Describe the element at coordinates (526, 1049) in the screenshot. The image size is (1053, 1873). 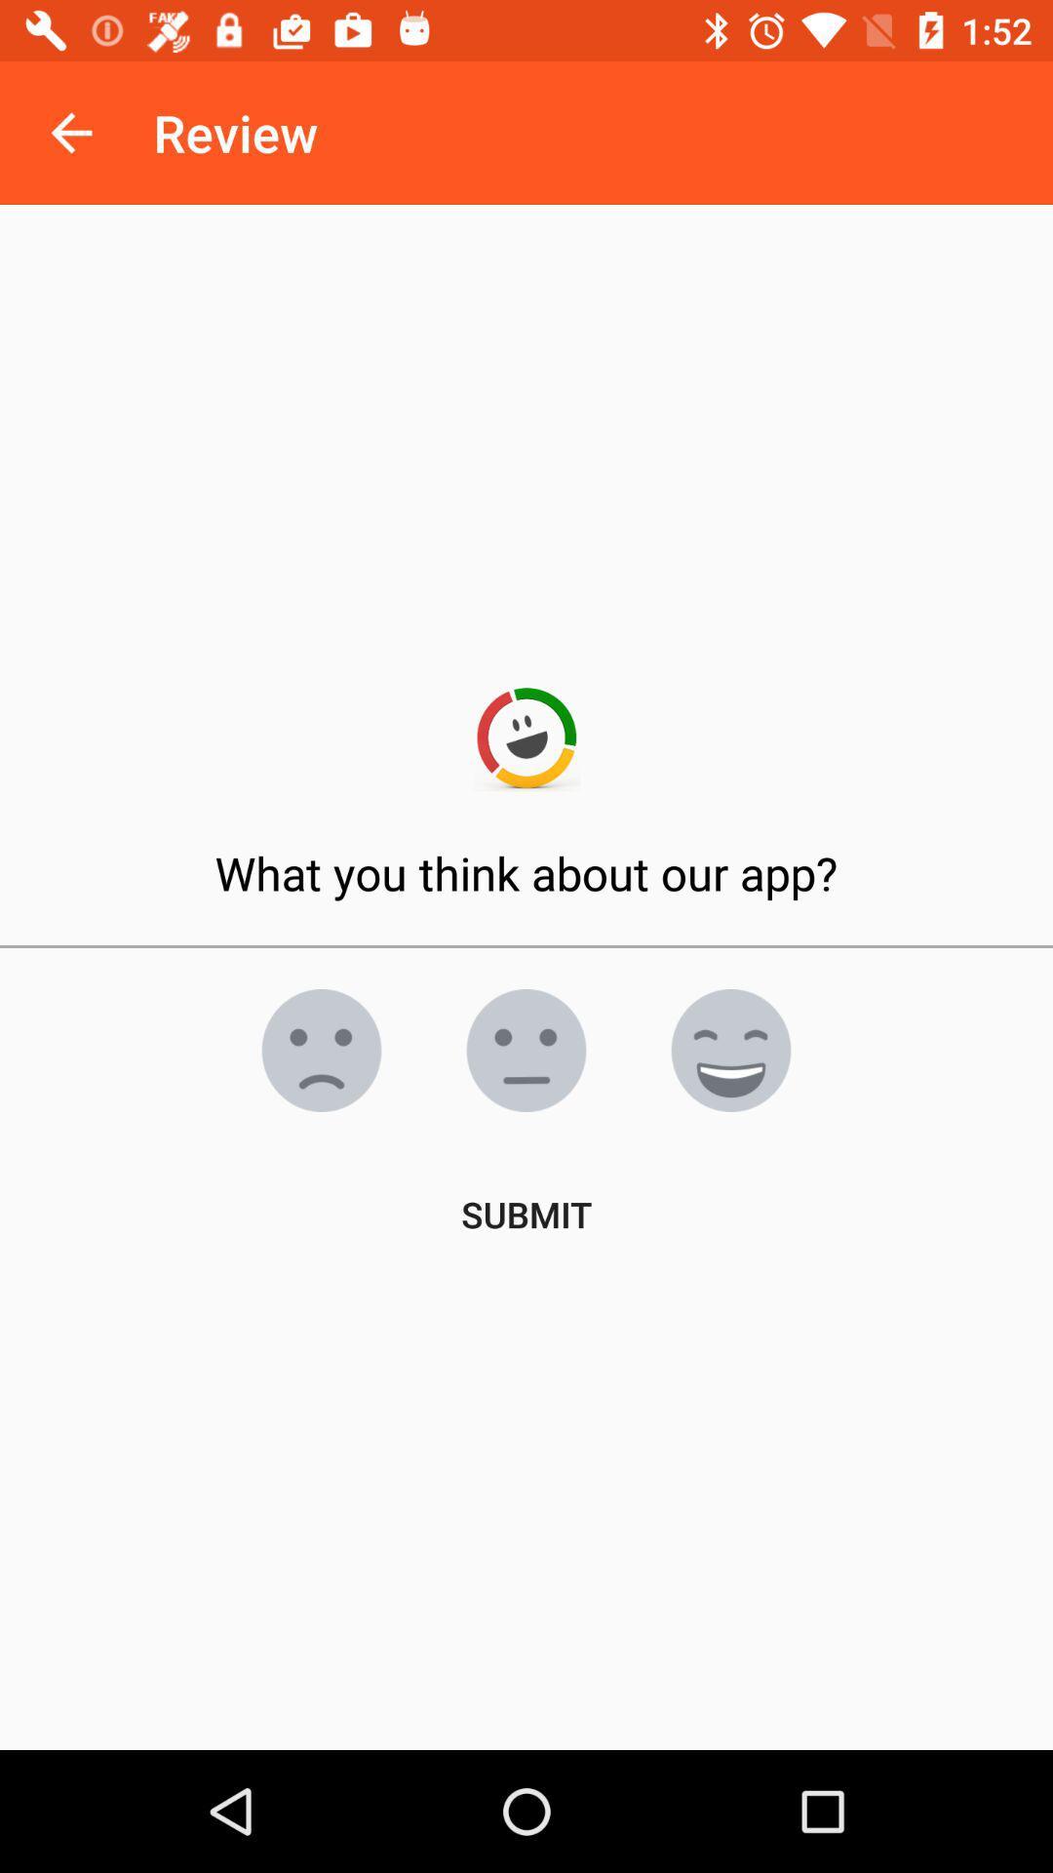
I see `the emoji icon` at that location.